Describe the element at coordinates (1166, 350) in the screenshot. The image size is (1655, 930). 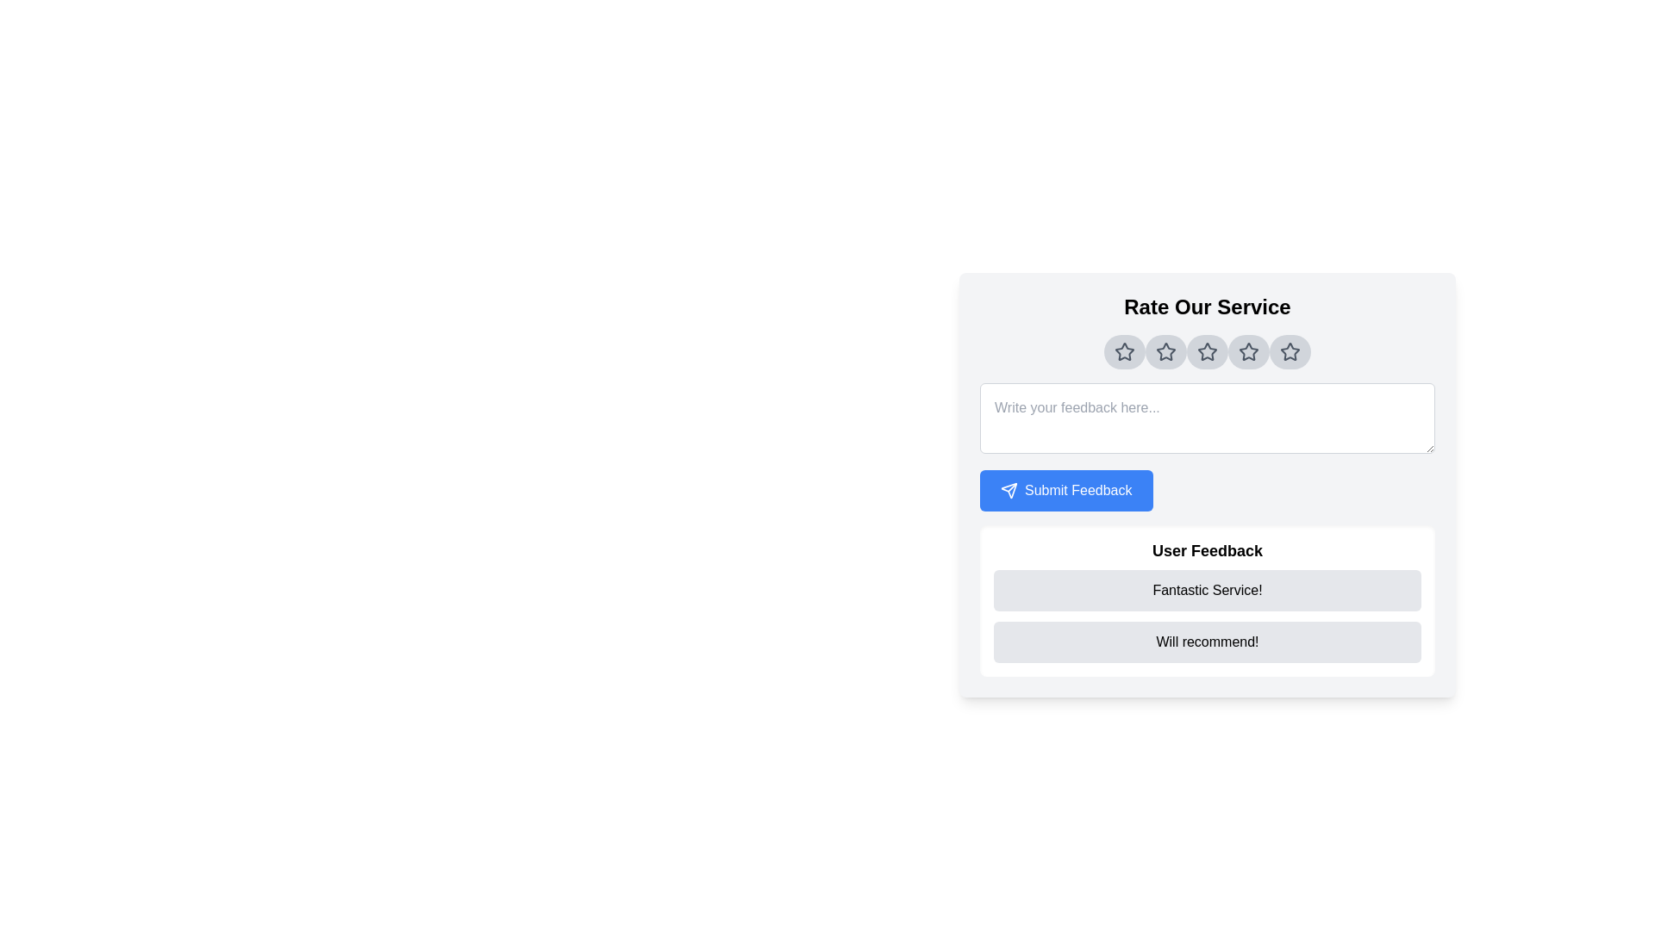
I see `the circular button with a gray background and a star icon, which is the second button from the left in a horizontal group of five buttons` at that location.